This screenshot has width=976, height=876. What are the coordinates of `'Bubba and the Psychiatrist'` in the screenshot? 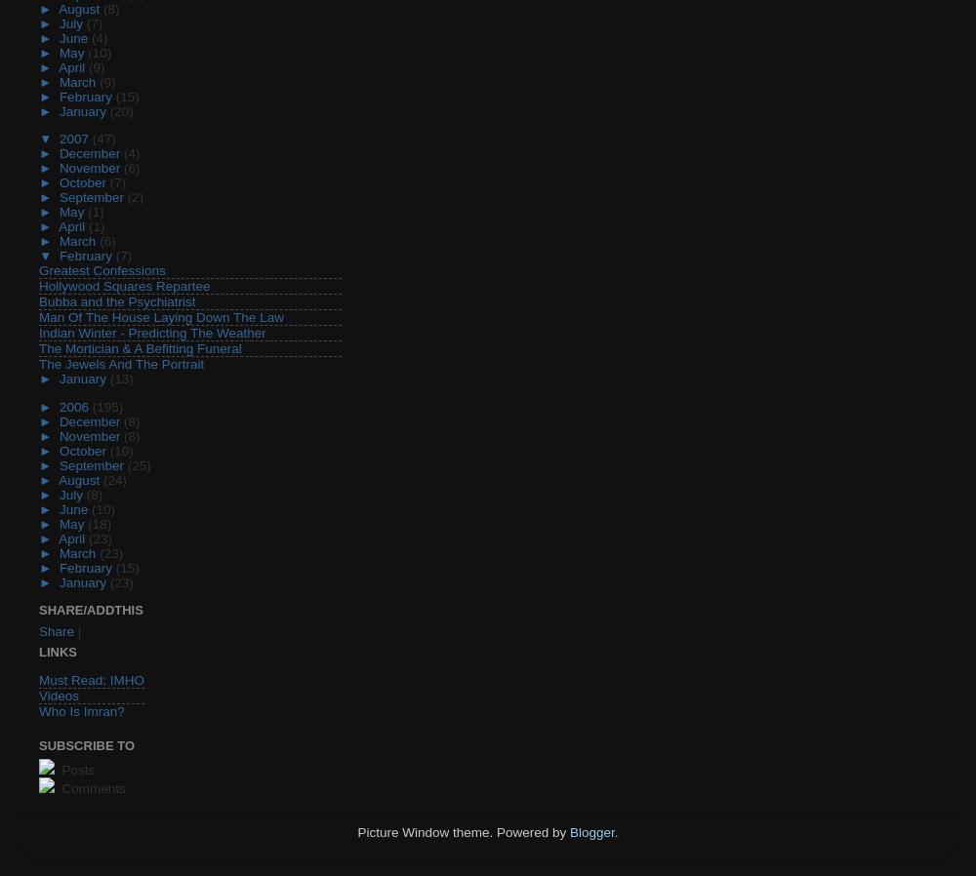 It's located at (39, 301).